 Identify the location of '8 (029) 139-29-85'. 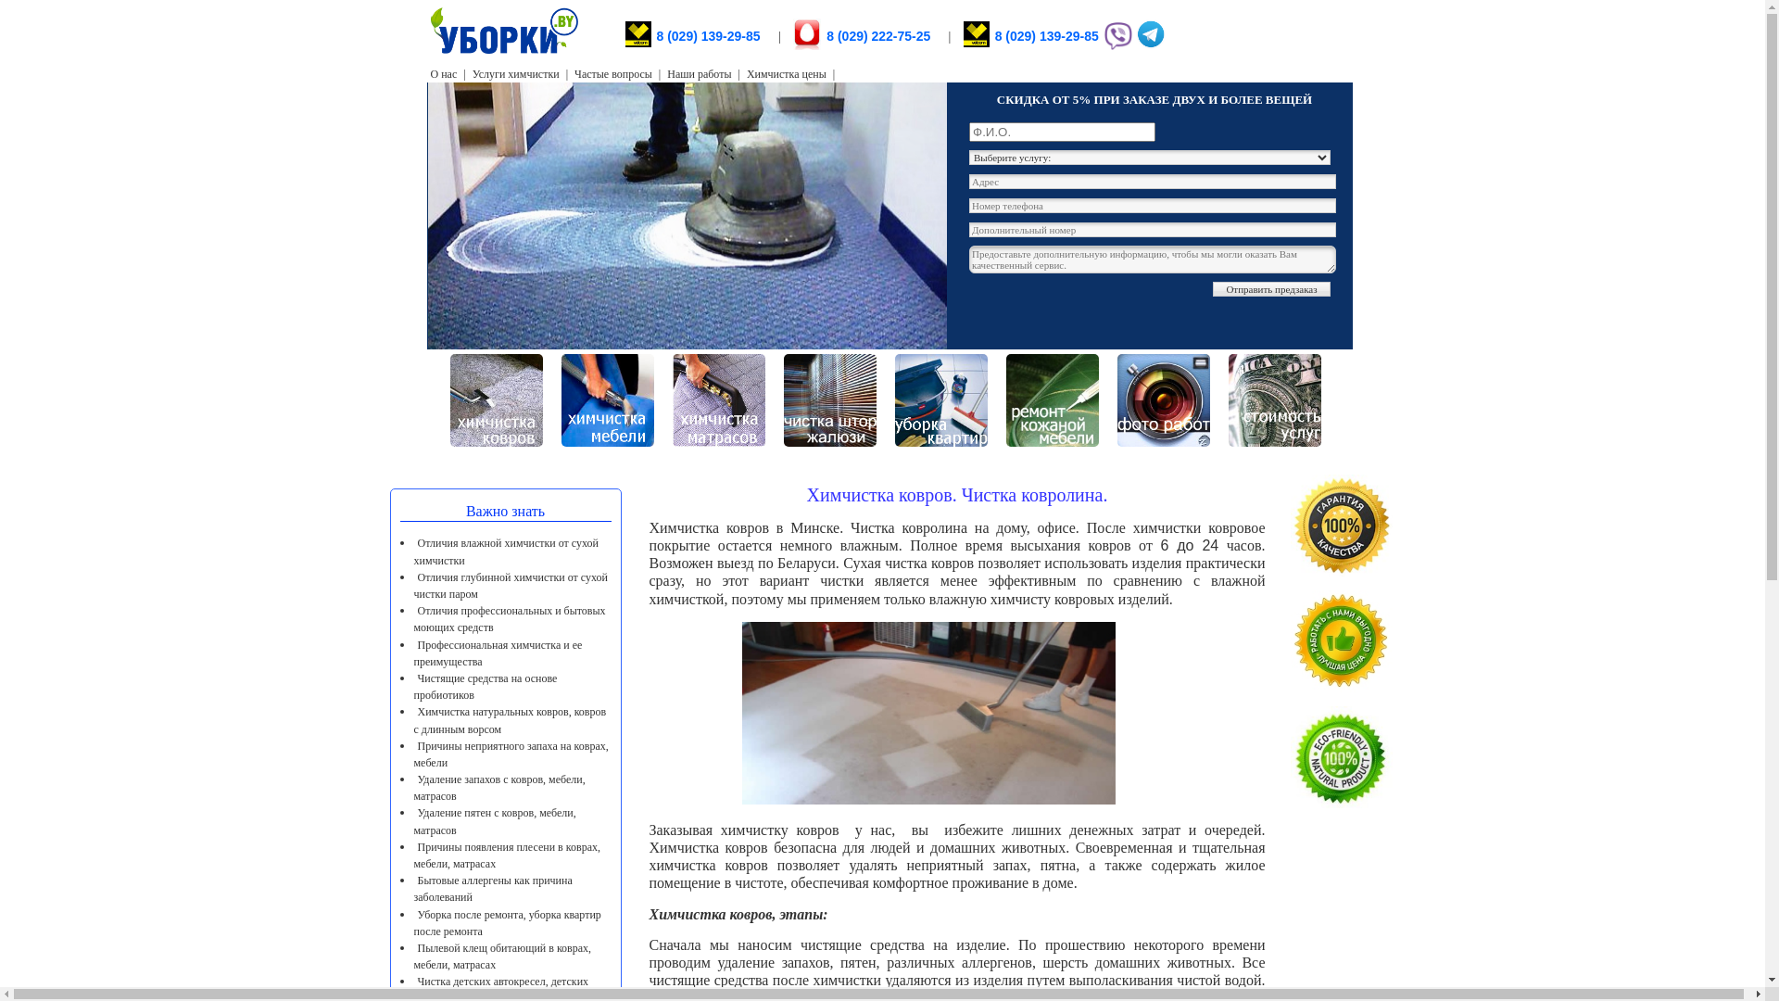
(1046, 35).